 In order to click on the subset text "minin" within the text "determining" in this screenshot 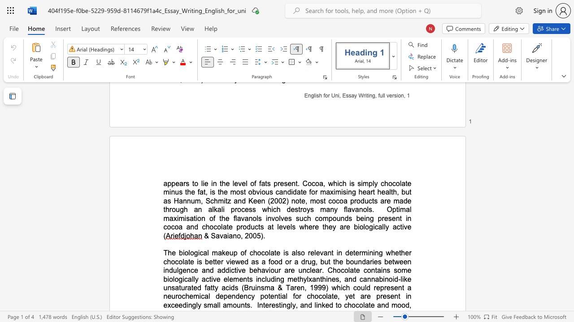, I will do `click(361, 253)`.